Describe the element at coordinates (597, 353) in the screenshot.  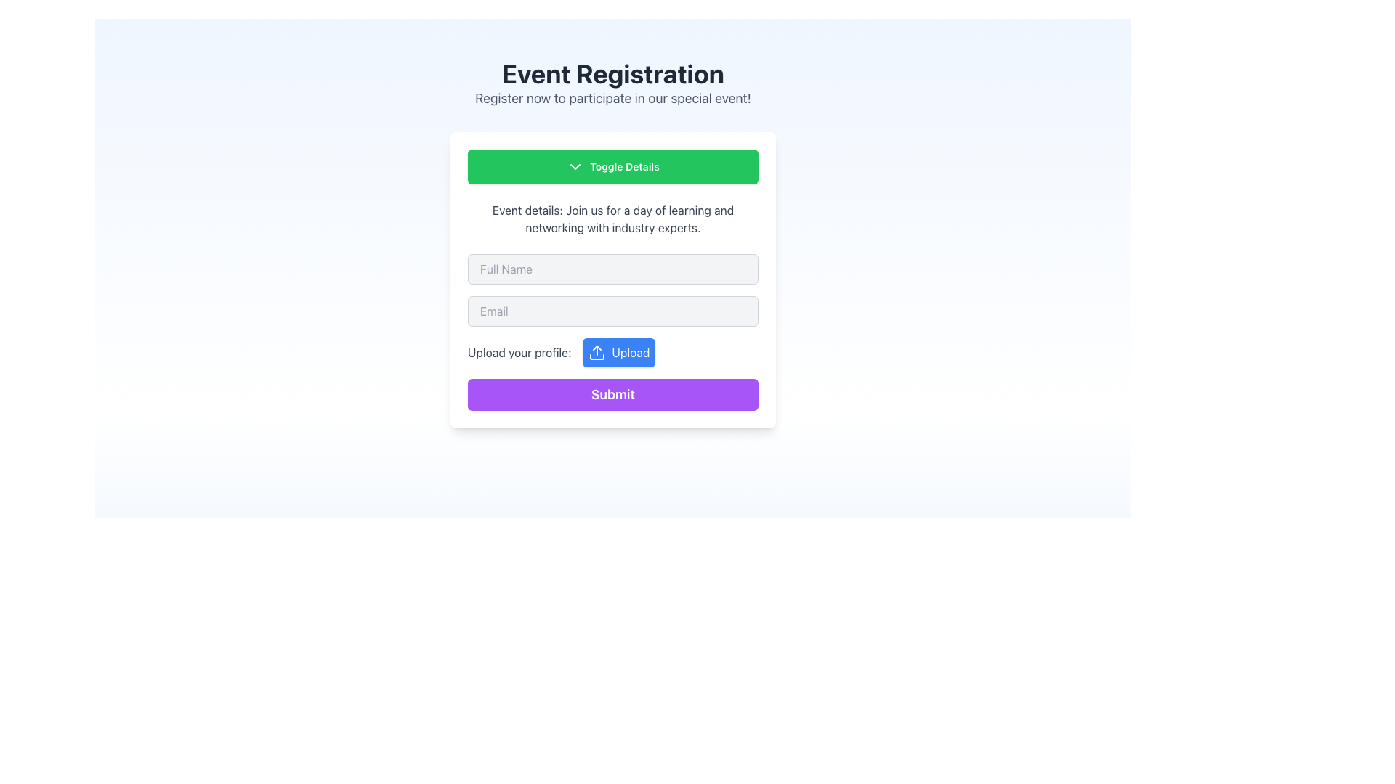
I see `the 'Upload' button which contains a minimalistic upload icon with an upward-pointing arrow, located in the center of the form interface beneath the 'Email' text field` at that location.